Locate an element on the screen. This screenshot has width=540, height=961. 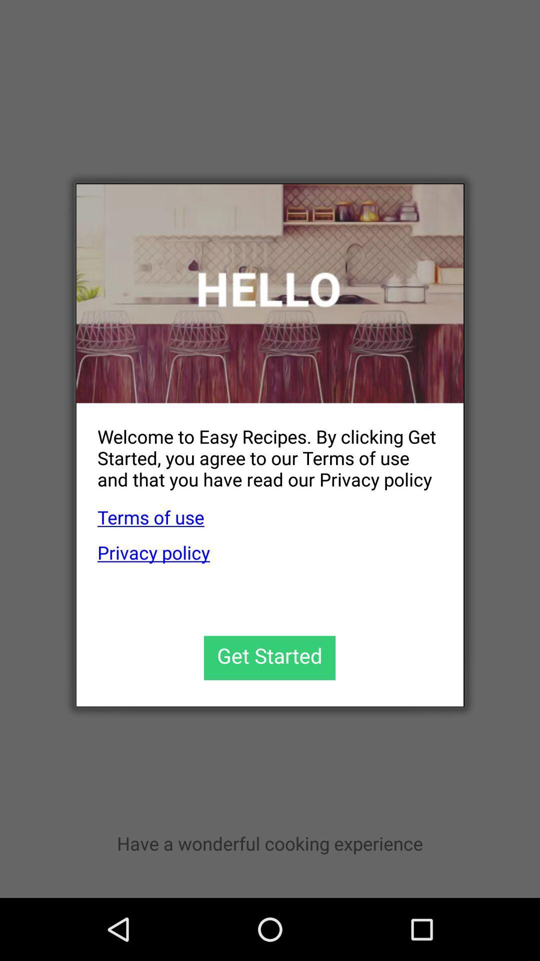
the icon at the top is located at coordinates (270, 293).